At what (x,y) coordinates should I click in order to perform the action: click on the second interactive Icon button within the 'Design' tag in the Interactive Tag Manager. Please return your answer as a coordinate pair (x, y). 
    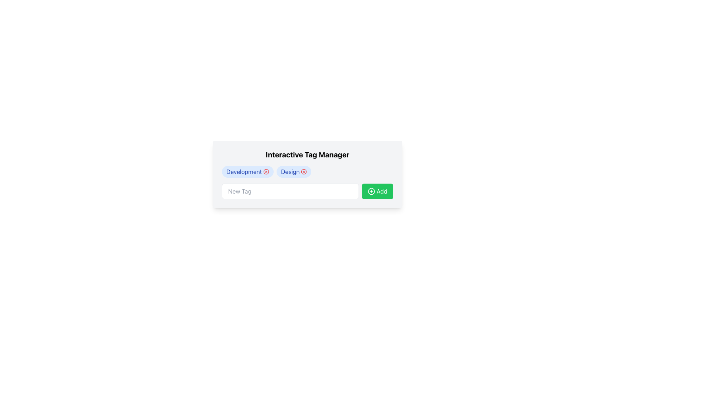
    Looking at the image, I should click on (304, 172).